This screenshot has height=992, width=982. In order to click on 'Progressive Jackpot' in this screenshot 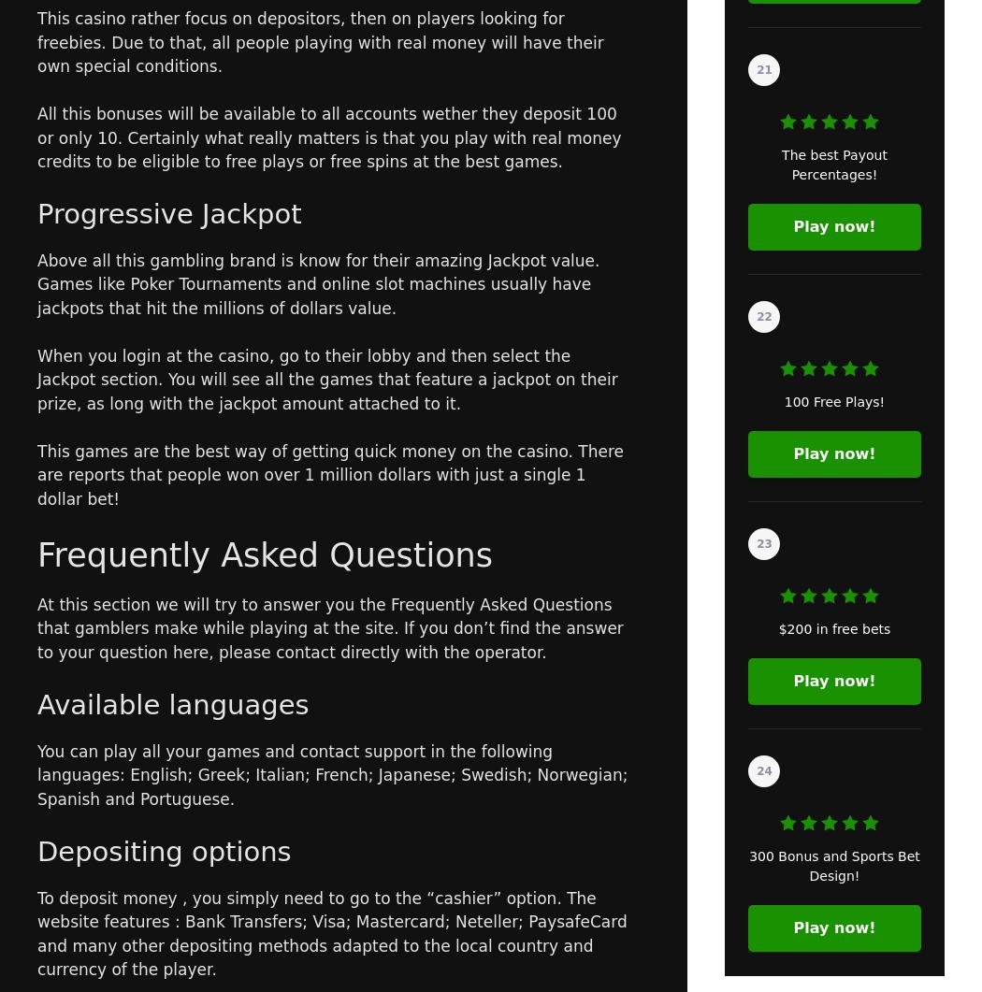, I will do `click(169, 212)`.